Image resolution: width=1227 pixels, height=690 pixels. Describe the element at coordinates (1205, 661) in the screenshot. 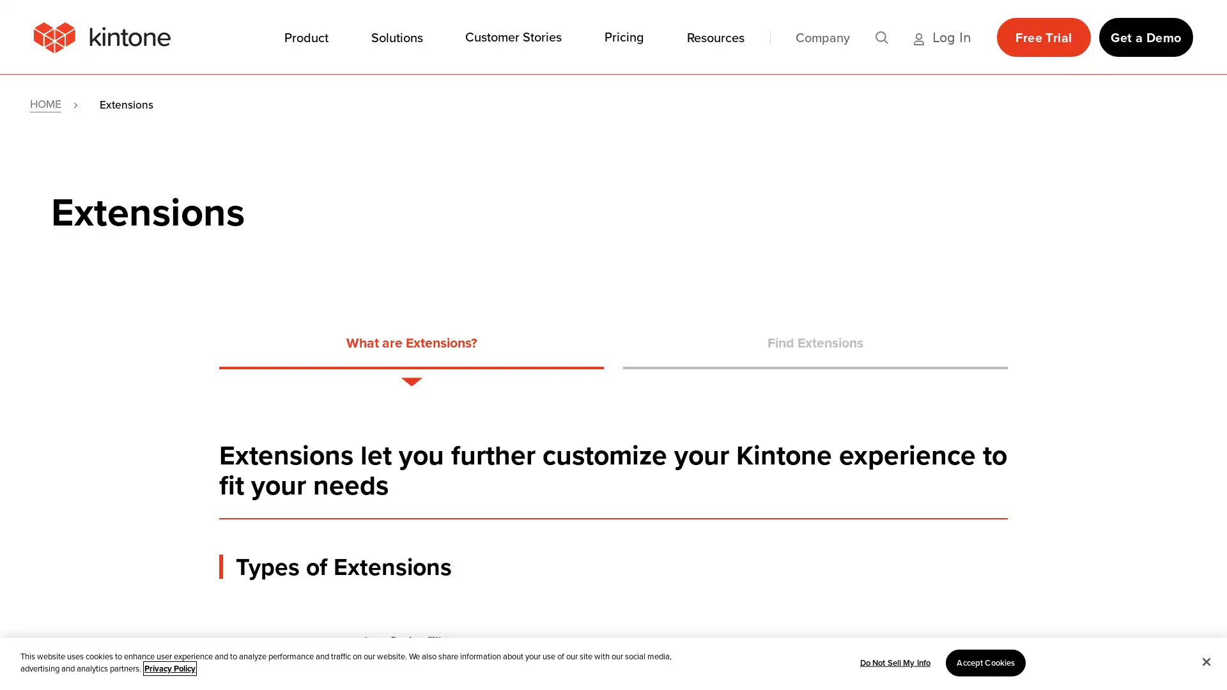

I see `Close` at that location.